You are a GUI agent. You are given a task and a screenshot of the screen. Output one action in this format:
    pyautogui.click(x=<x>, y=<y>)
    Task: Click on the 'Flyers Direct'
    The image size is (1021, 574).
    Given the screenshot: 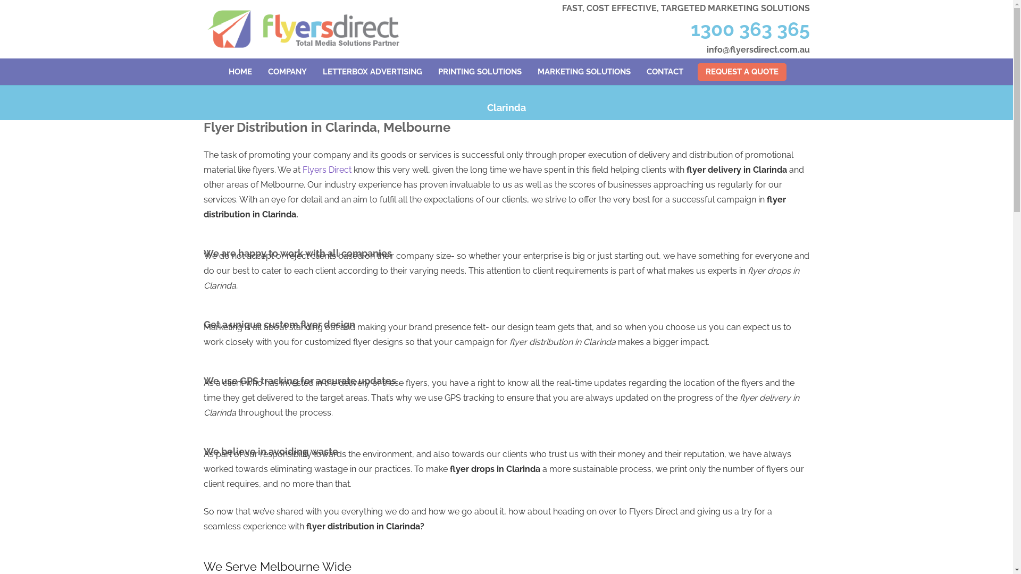 What is the action you would take?
    pyautogui.click(x=301, y=169)
    